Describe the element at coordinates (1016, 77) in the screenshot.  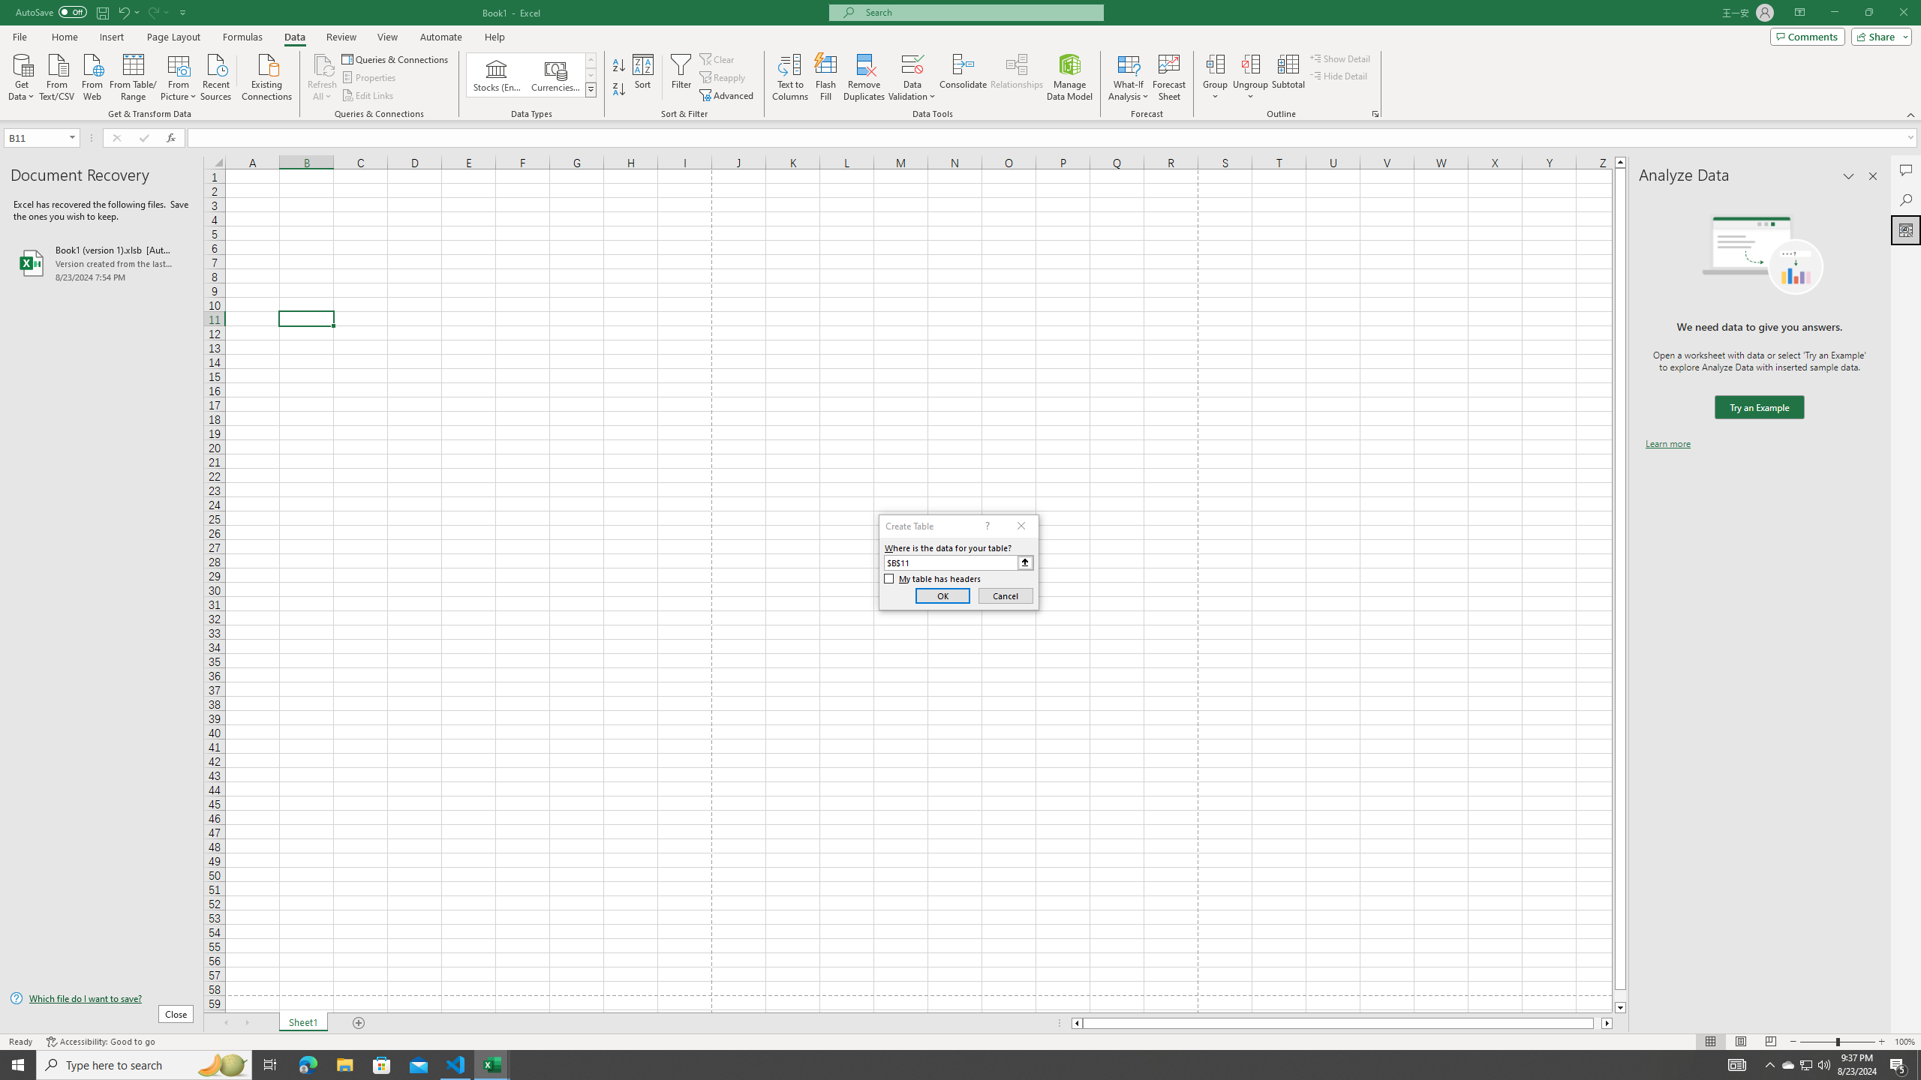
I see `'Relationships'` at that location.